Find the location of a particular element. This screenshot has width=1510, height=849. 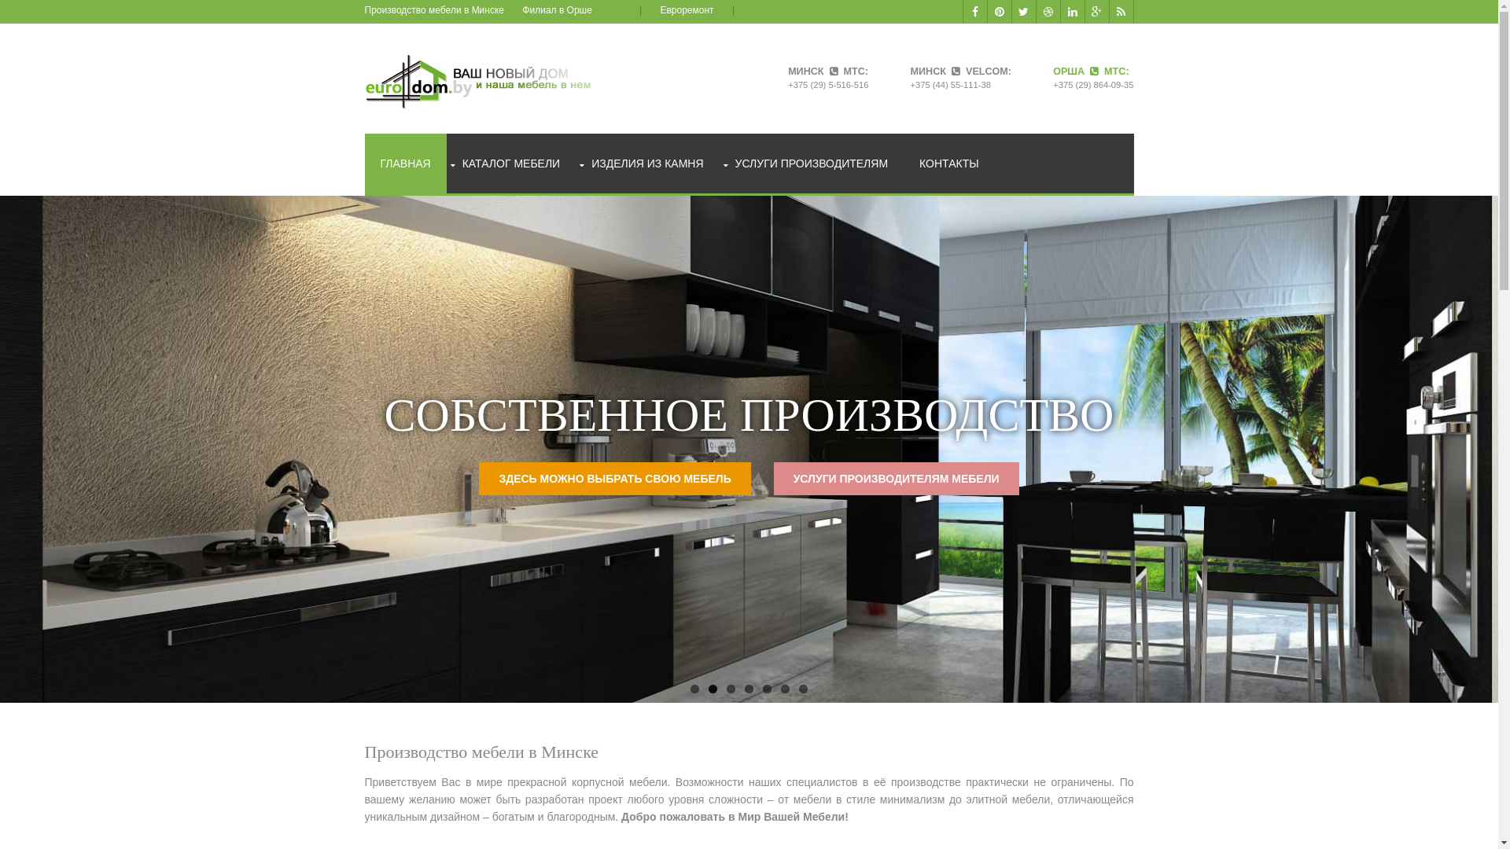

'7' is located at coordinates (803, 688).